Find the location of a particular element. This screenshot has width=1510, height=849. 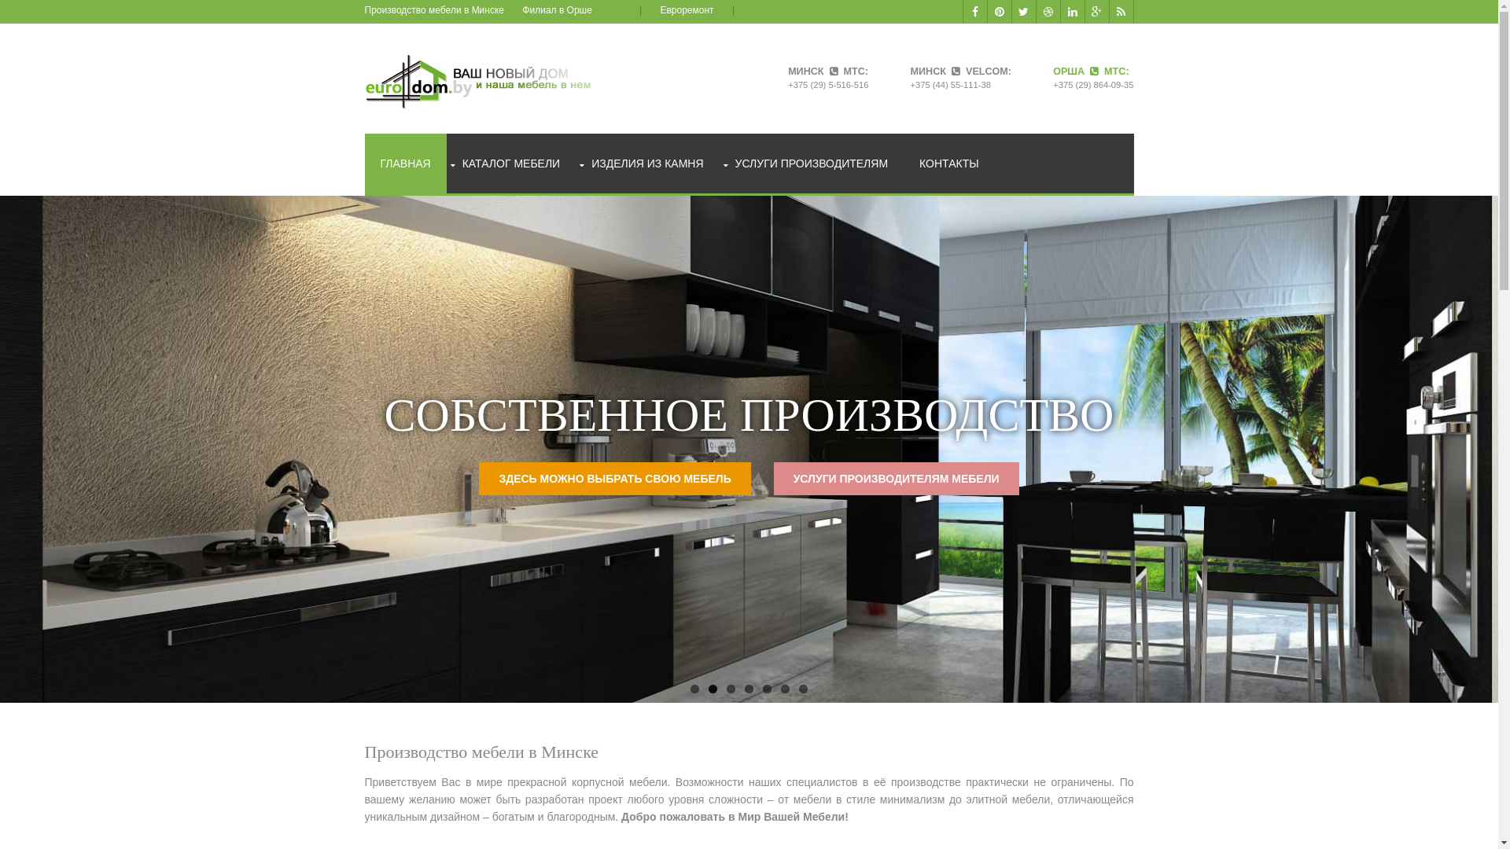

'7' is located at coordinates (803, 688).